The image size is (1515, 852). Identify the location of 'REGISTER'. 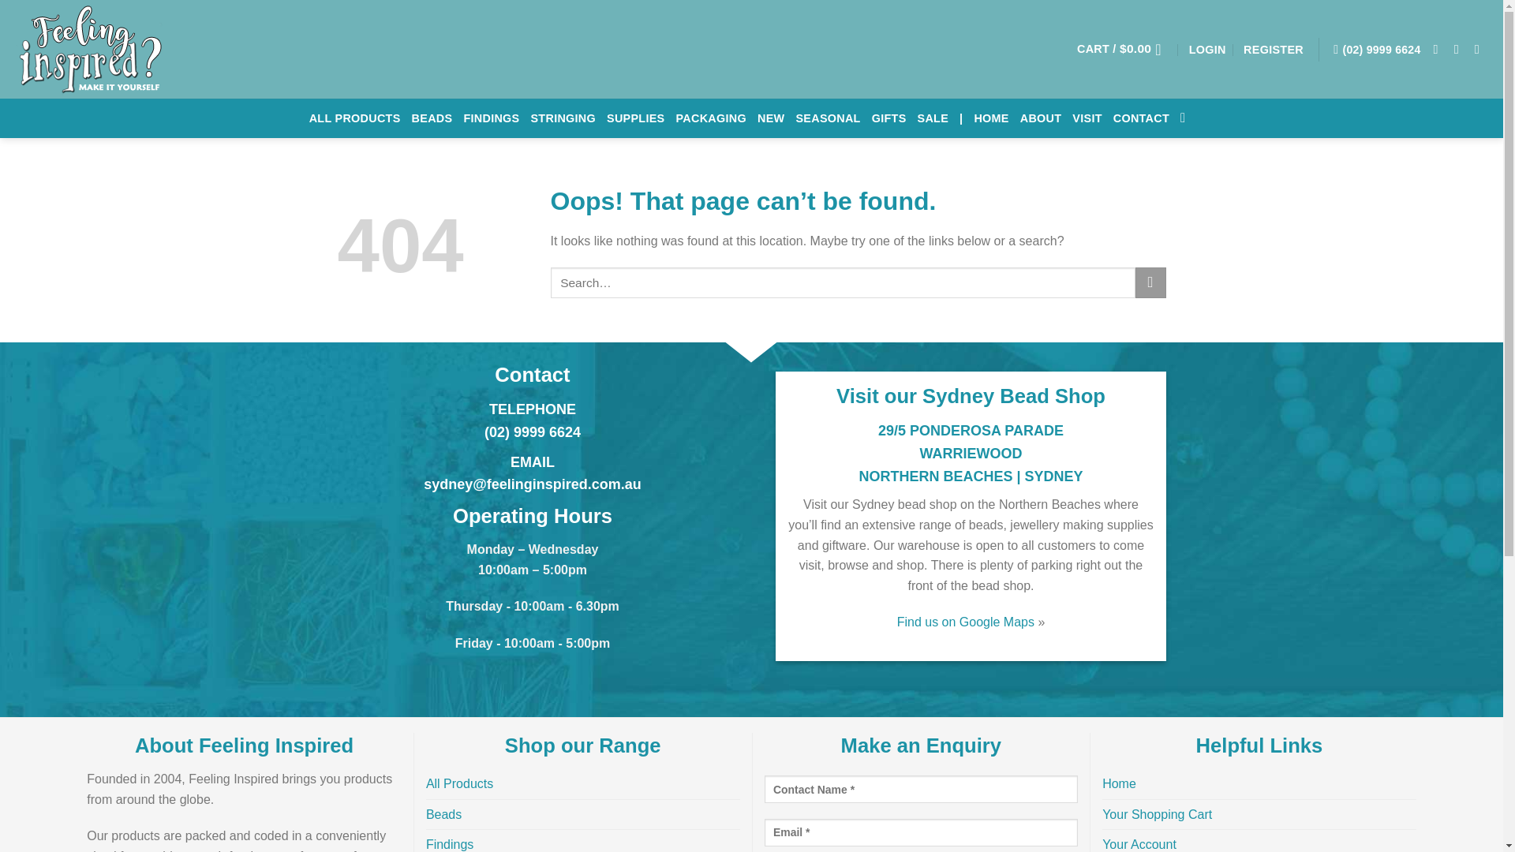
(1273, 47).